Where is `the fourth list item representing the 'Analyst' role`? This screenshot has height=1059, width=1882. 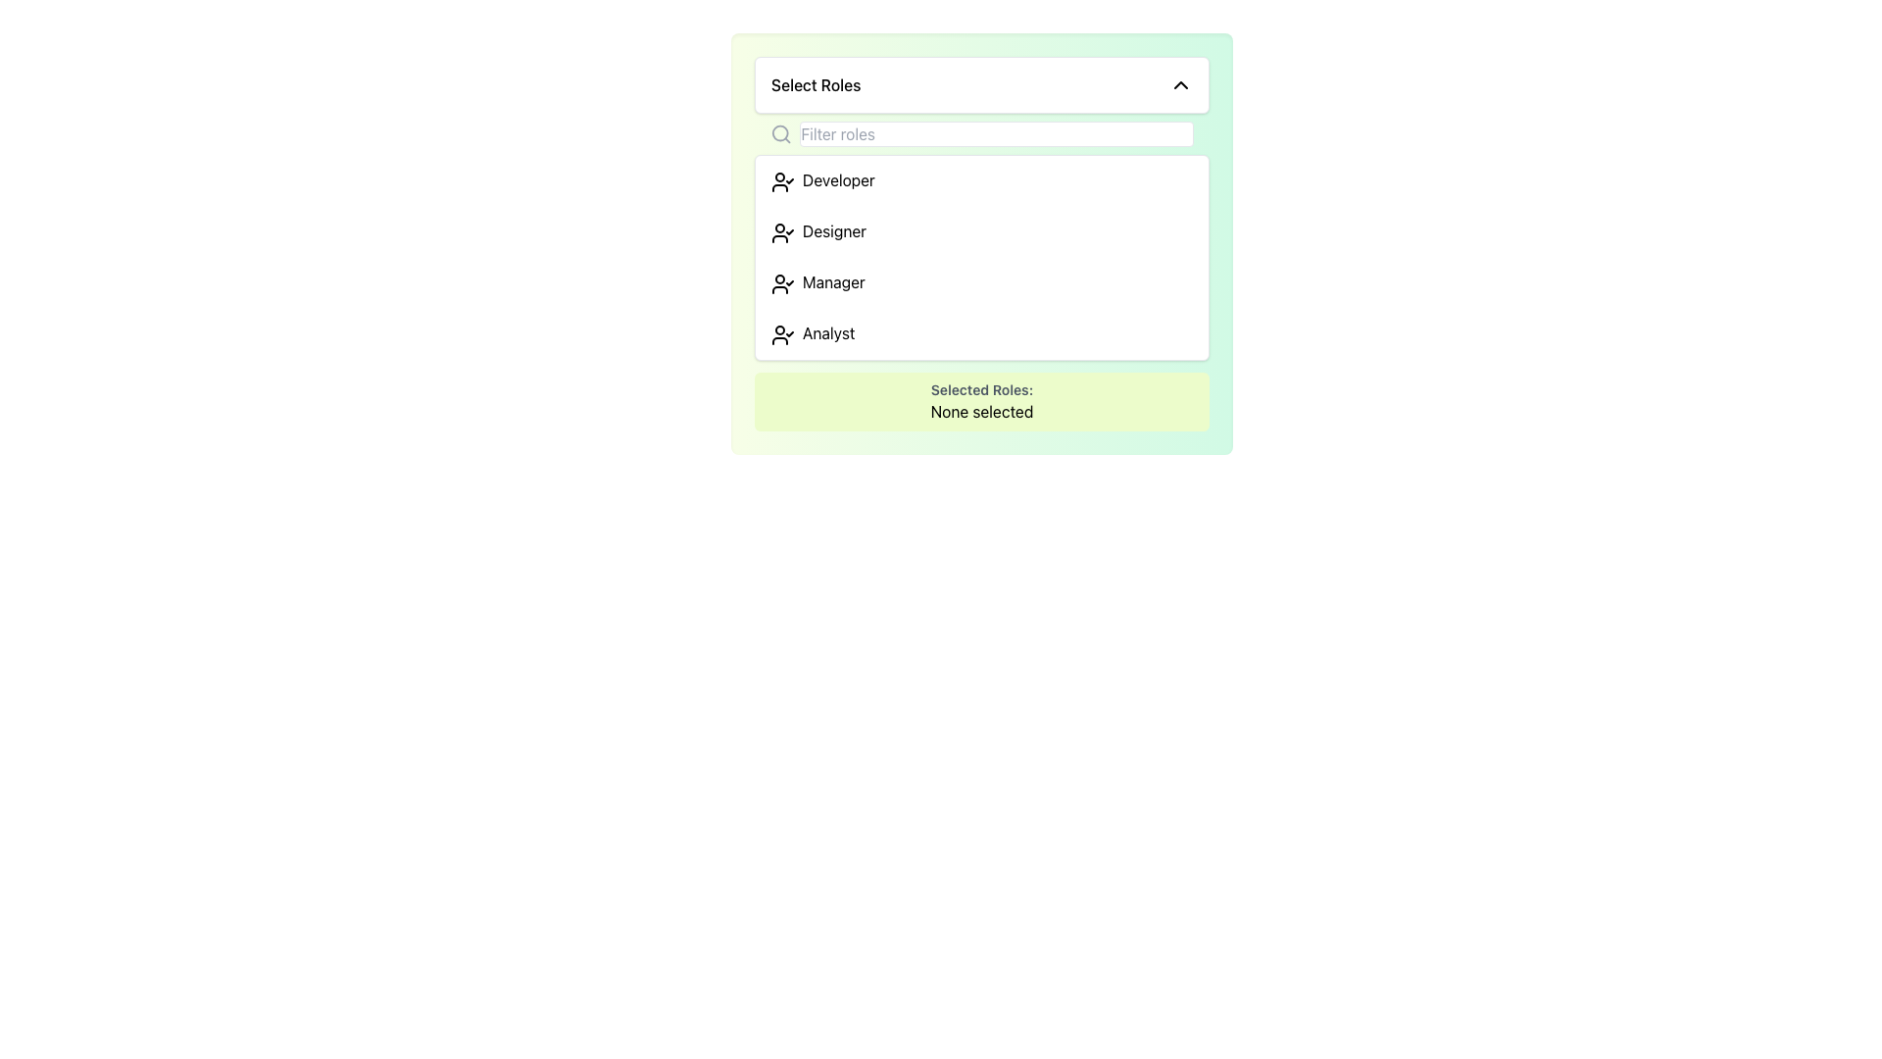 the fourth list item representing the 'Analyst' role is located at coordinates (982, 332).